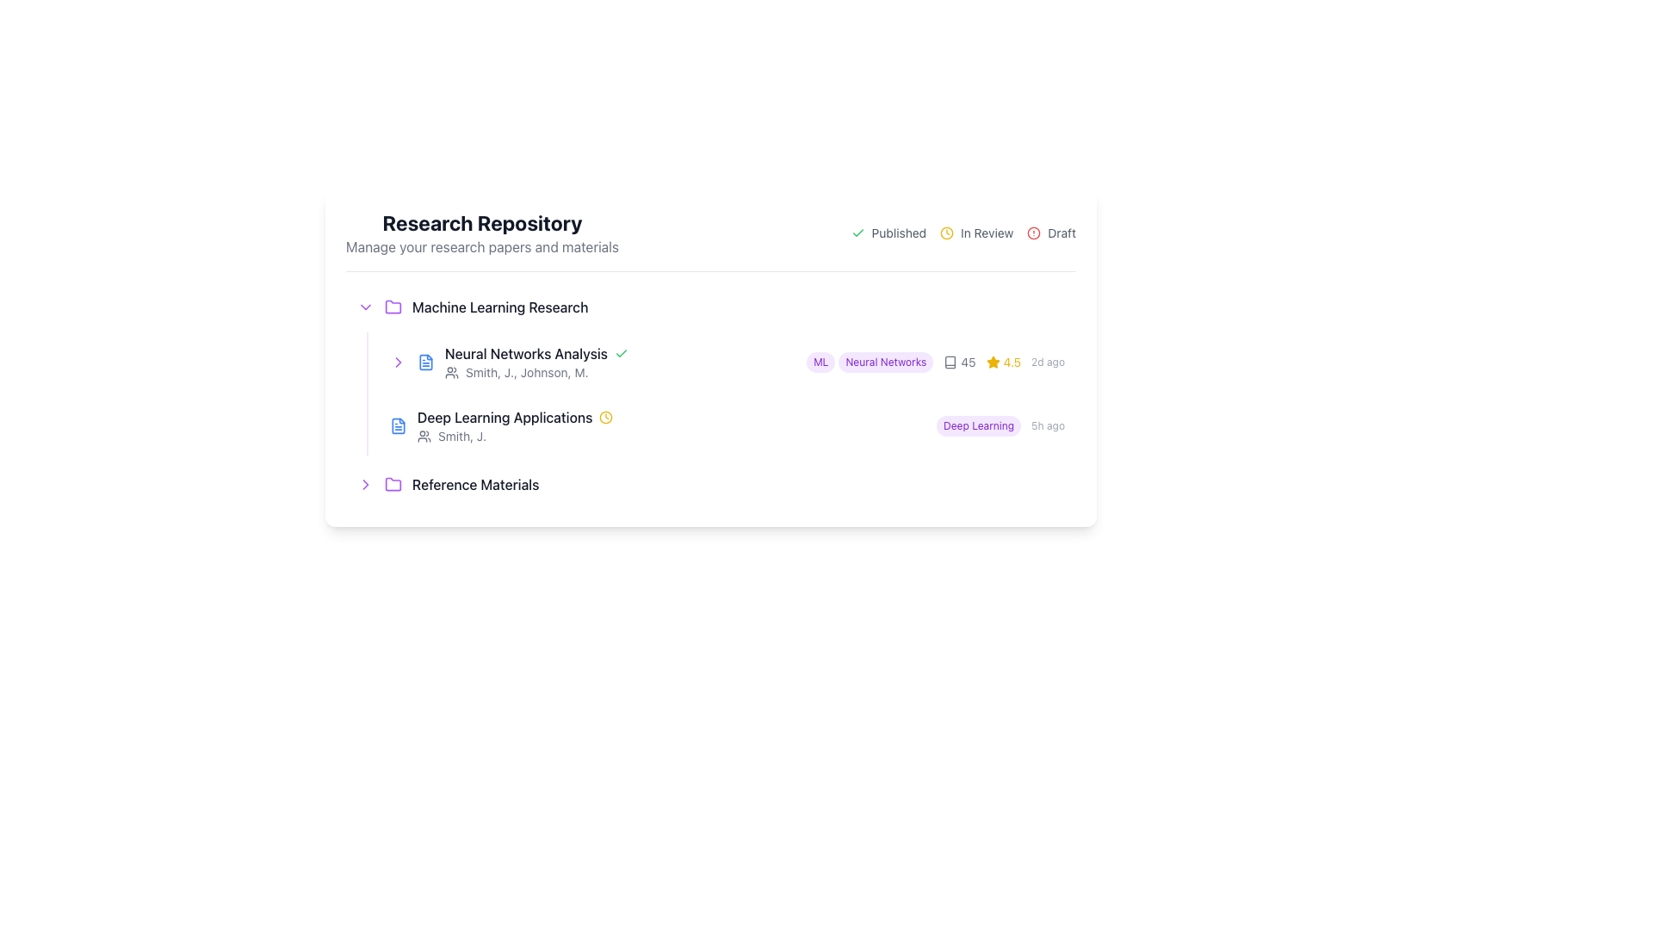 The image size is (1653, 930). Describe the element at coordinates (946, 232) in the screenshot. I see `the yellow clock icon located in the top-right corner of the interface, which is part of the status indicators group, specifically positioned between the green checkmark and the red caution symbol` at that location.